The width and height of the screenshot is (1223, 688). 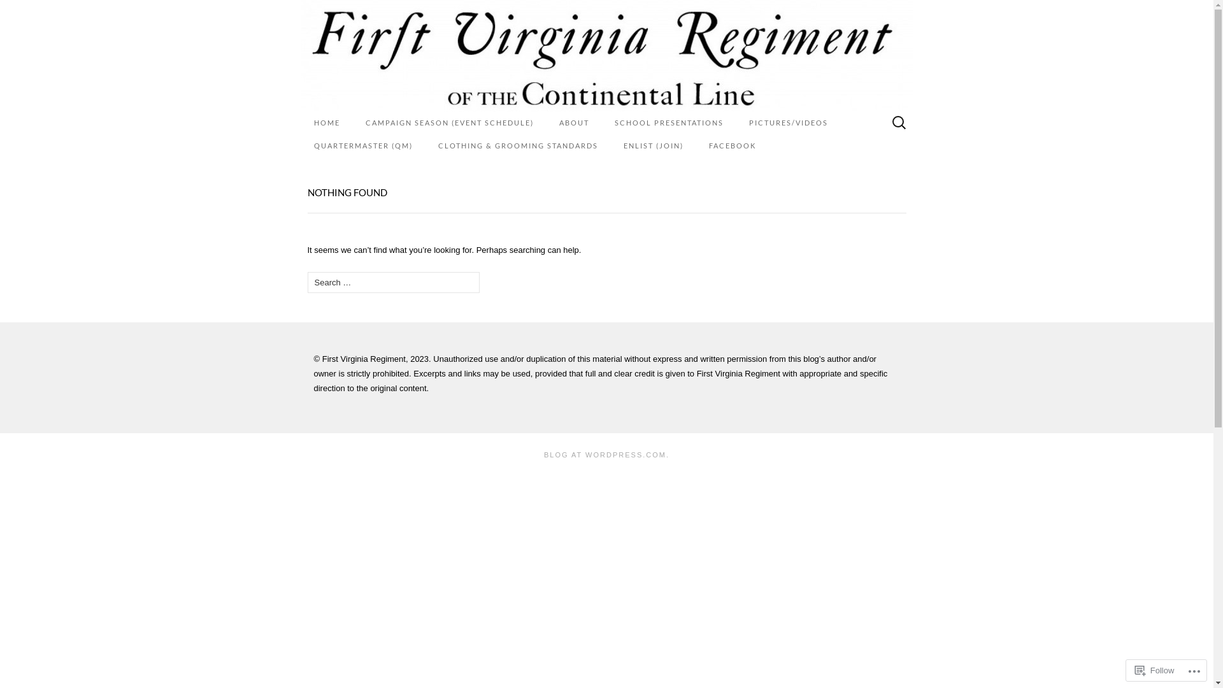 I want to click on 'FACEBOOK', so click(x=731, y=145).